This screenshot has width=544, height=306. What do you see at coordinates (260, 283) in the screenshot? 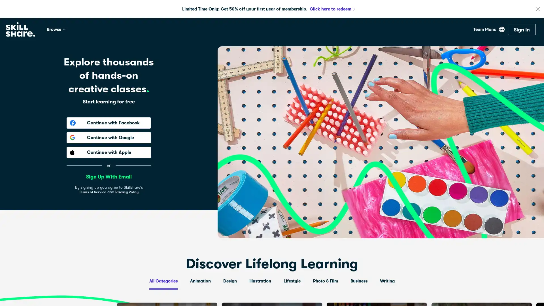
I see `Illustration` at bounding box center [260, 283].